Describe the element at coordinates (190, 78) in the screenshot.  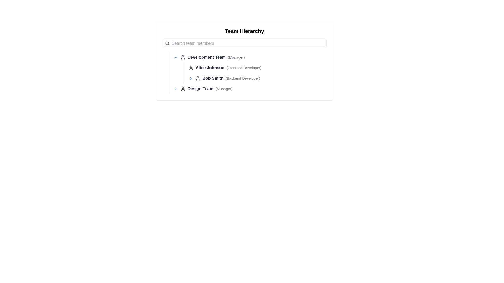
I see `the icon located to the left of 'Bob Smith (Backend Developer)'` at that location.